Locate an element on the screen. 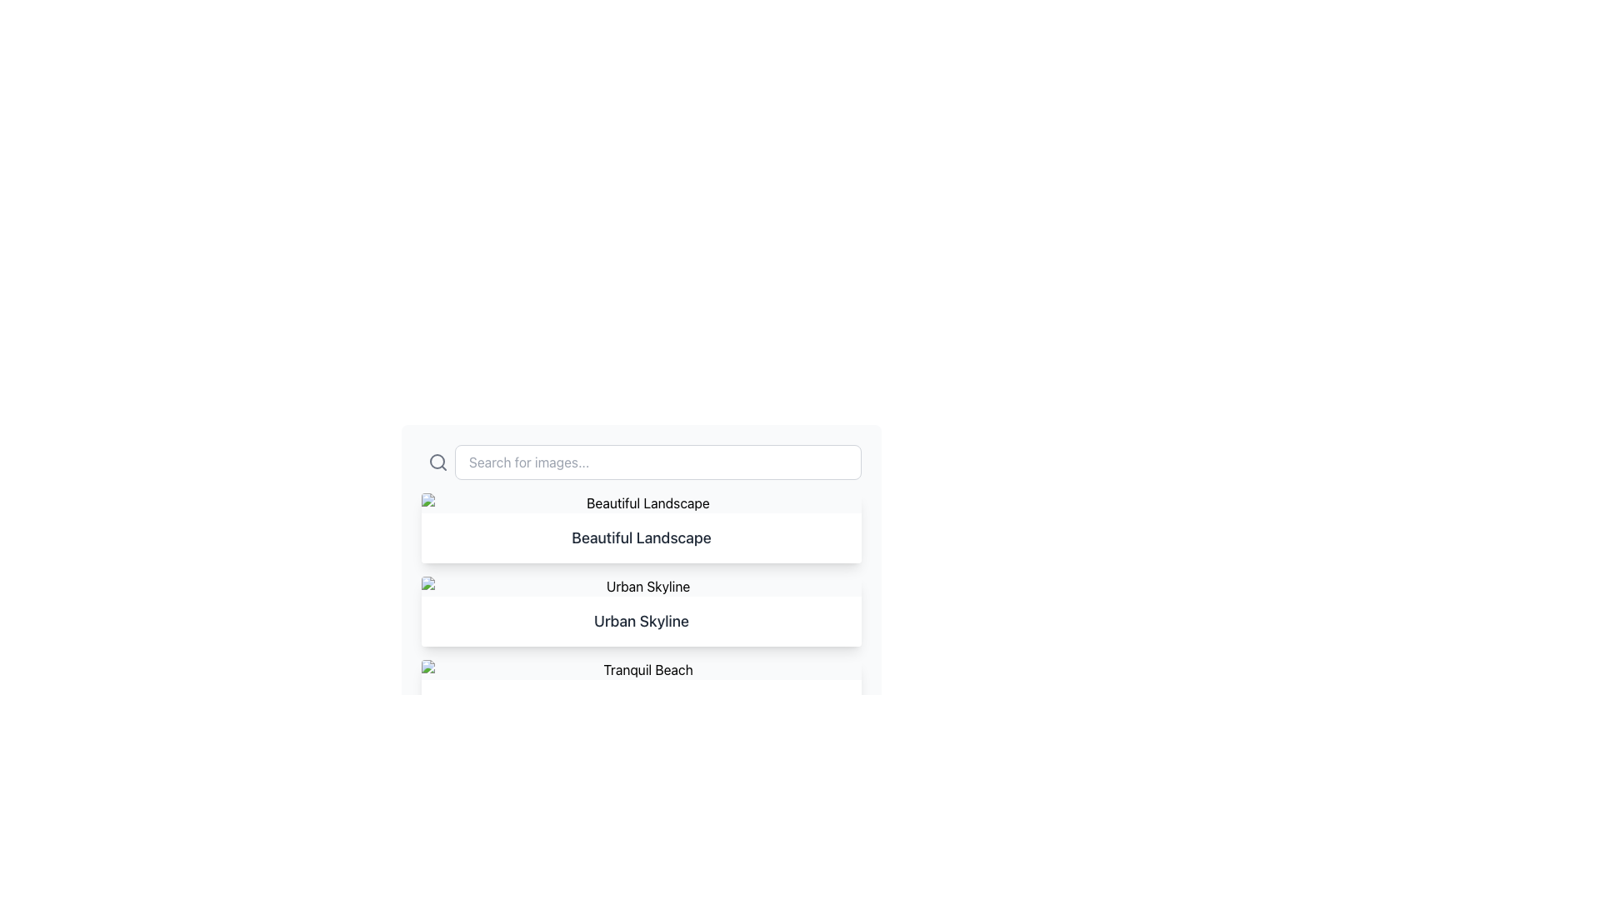 The height and width of the screenshot is (900, 1600). the gray magnifying glass icon representing the search function, located to the left of the input field with the placeholder text 'Search for images...' is located at coordinates (438, 462).